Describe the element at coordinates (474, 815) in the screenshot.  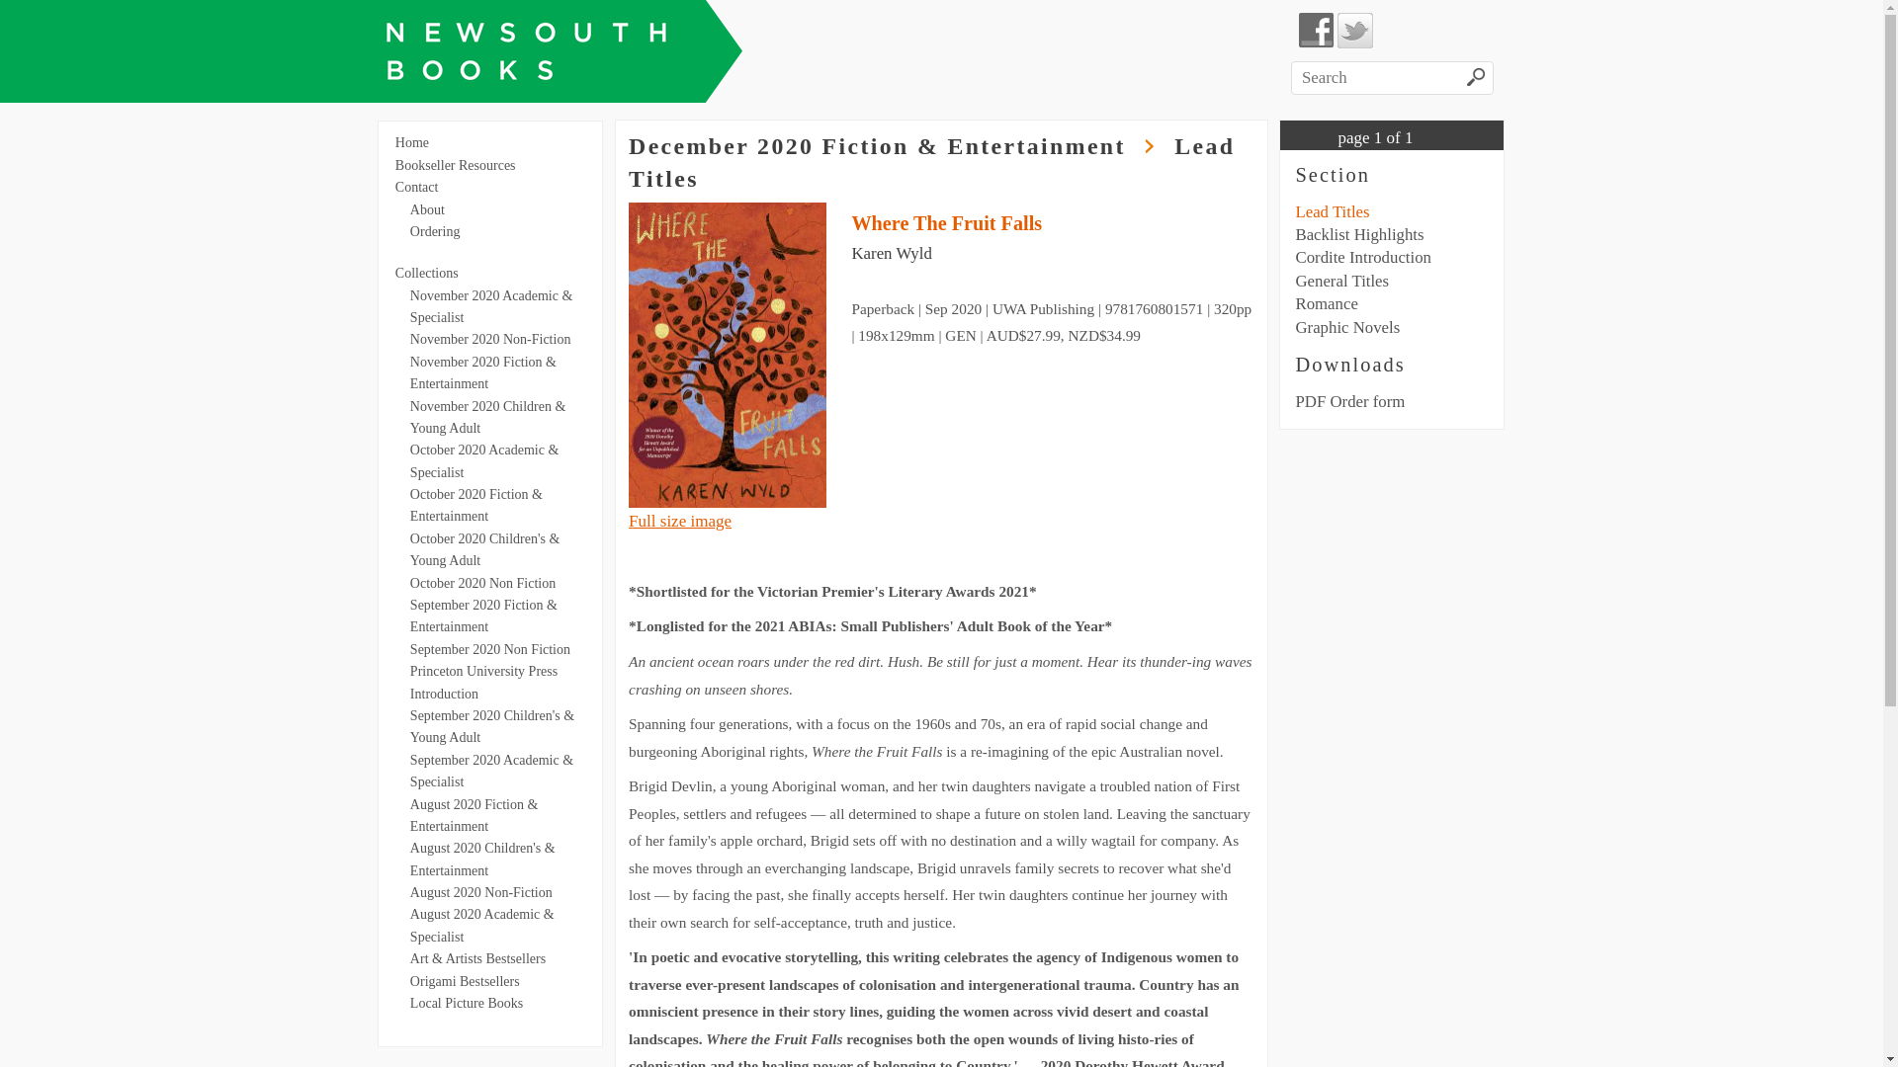
I see `'August 2020 Fiction & Entertainment'` at that location.